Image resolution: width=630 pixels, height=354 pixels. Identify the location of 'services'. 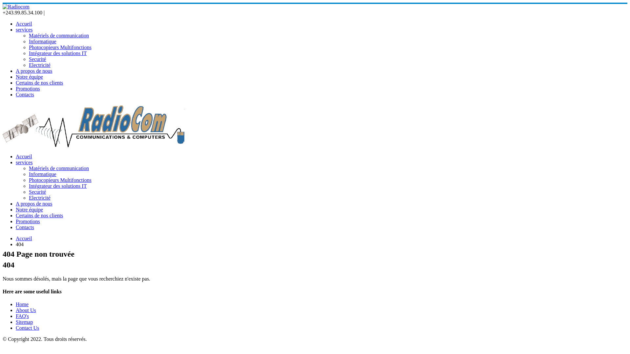
(24, 29).